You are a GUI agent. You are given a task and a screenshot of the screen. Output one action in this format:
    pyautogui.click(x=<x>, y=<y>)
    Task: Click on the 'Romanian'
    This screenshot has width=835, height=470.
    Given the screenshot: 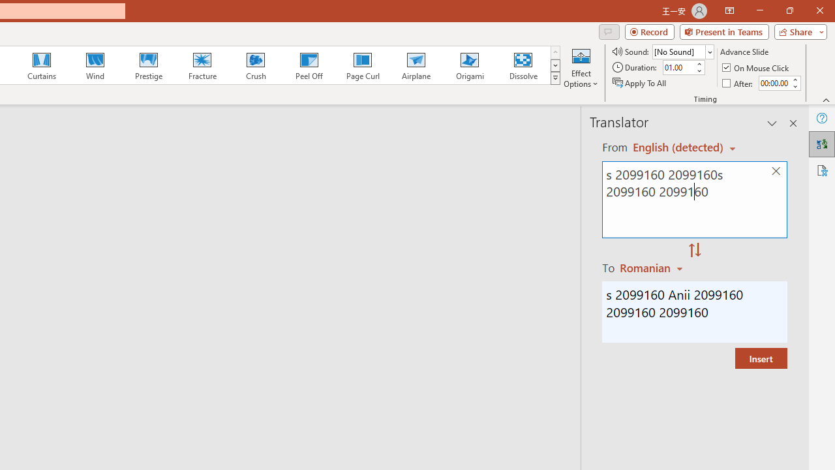 What is the action you would take?
    pyautogui.click(x=653, y=267)
    